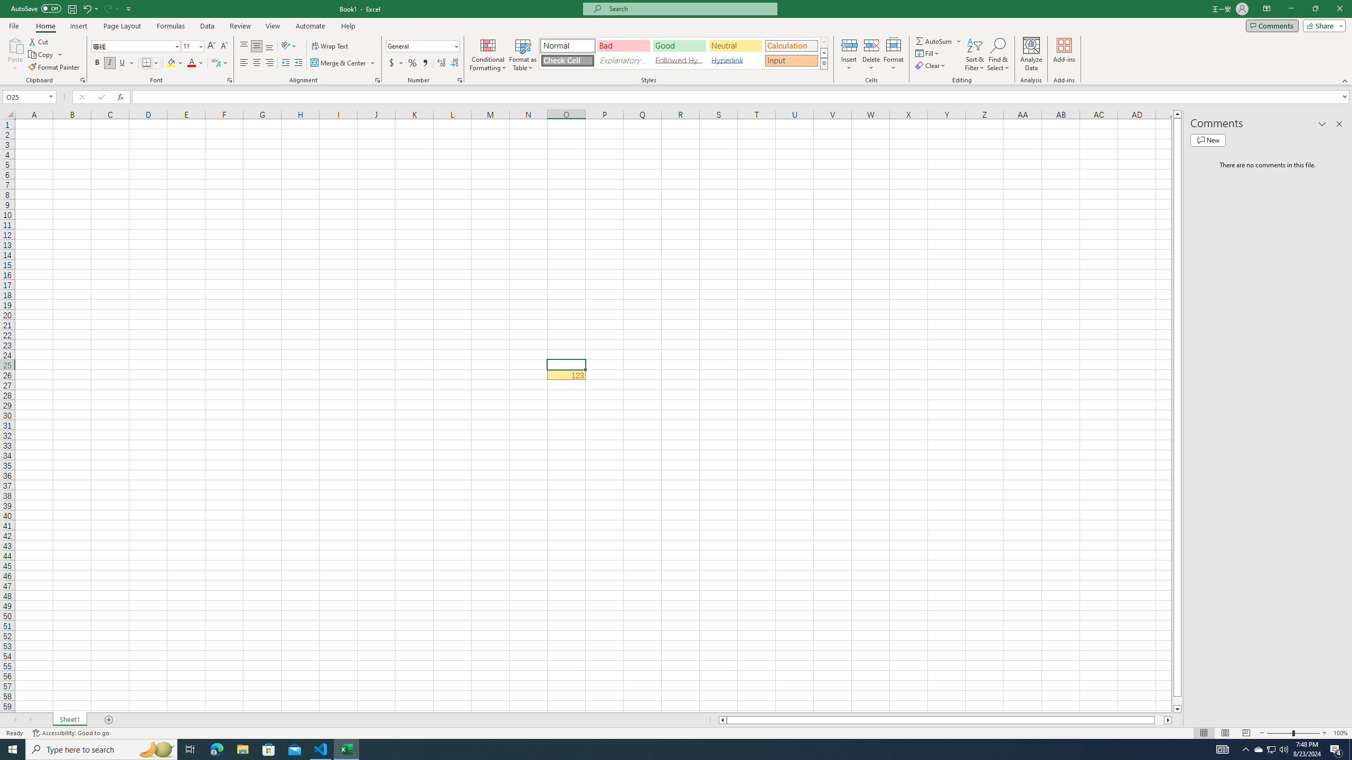 Image resolution: width=1352 pixels, height=760 pixels. Describe the element at coordinates (219, 62) in the screenshot. I see `'Show Phonetic Field'` at that location.